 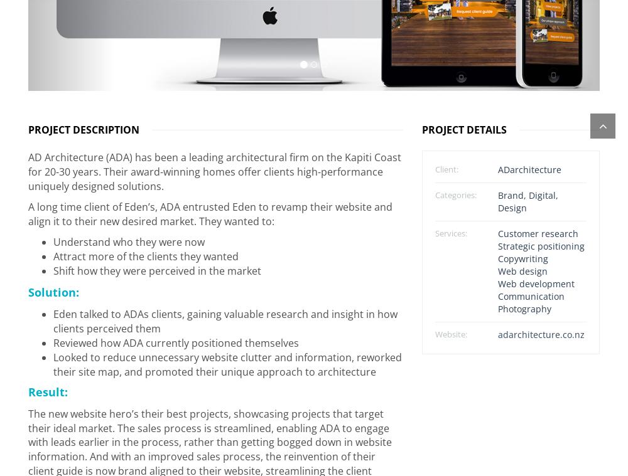 What do you see at coordinates (528, 164) in the screenshot?
I see `'ADarchitecture'` at bounding box center [528, 164].